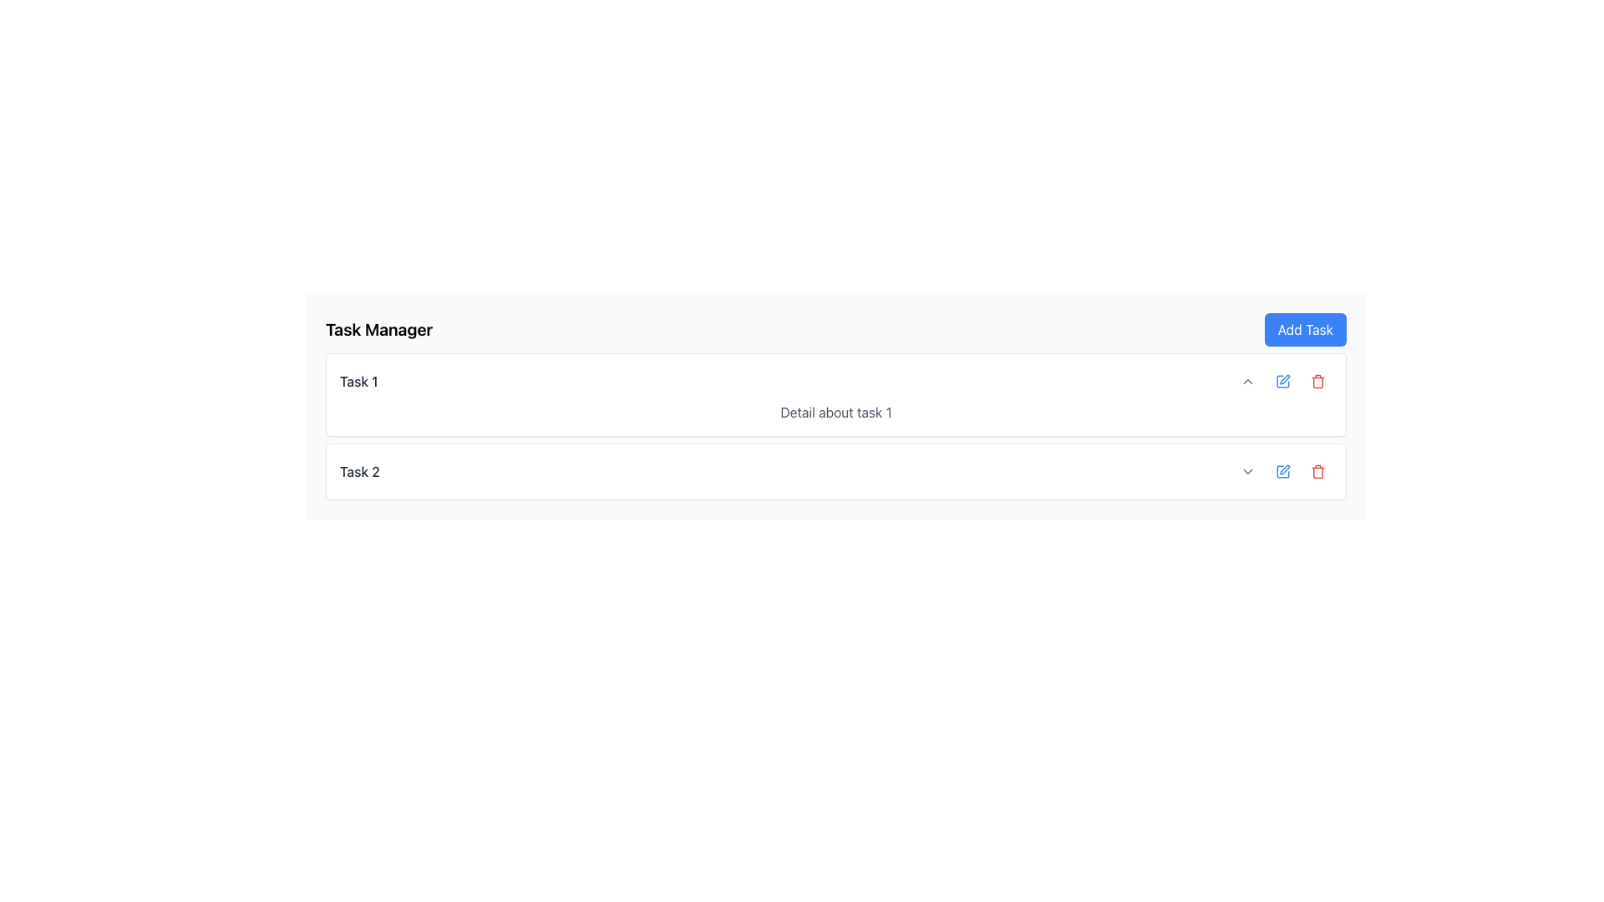  What do you see at coordinates (1282, 471) in the screenshot?
I see `the edit icon button located on the right side of the task list associated with 'Task 2' to initiate the edit action` at bounding box center [1282, 471].